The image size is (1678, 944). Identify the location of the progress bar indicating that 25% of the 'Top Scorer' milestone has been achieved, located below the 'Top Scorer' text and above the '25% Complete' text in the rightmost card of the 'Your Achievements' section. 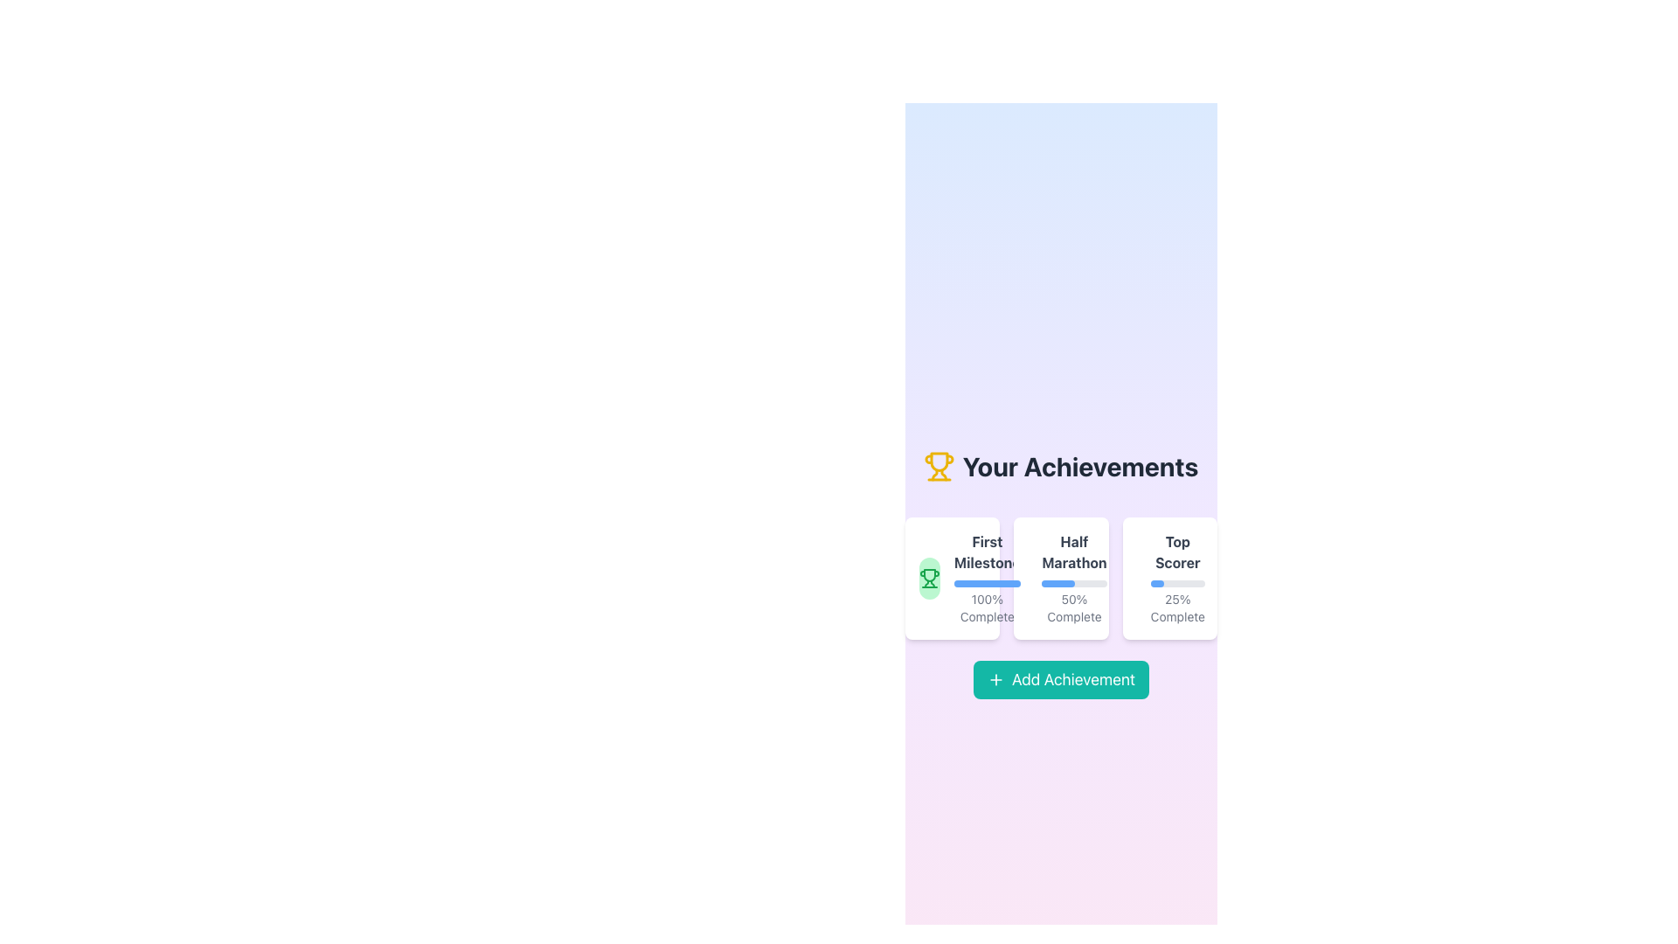
(1177, 583).